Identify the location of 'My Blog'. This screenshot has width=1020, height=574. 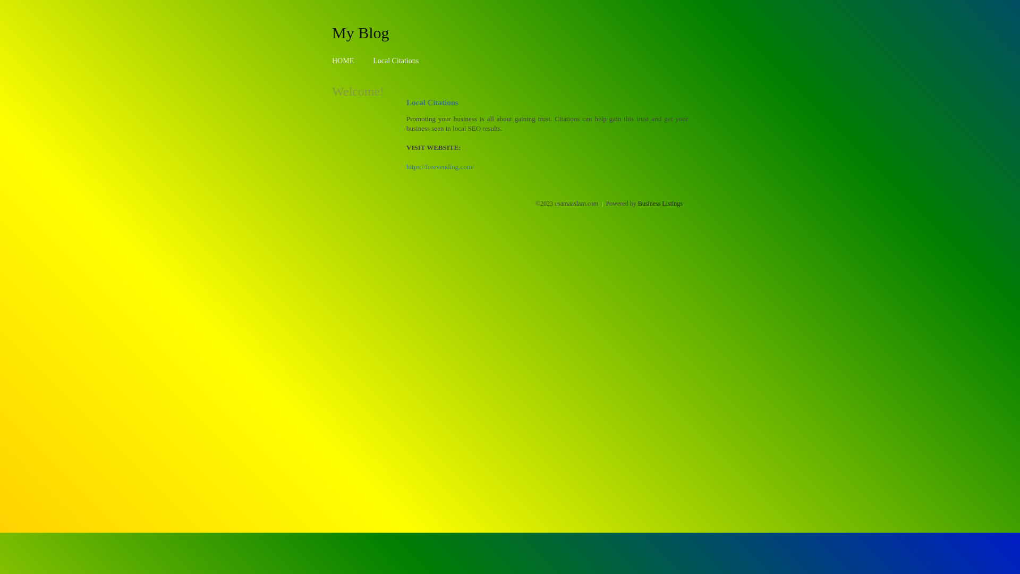
(331, 32).